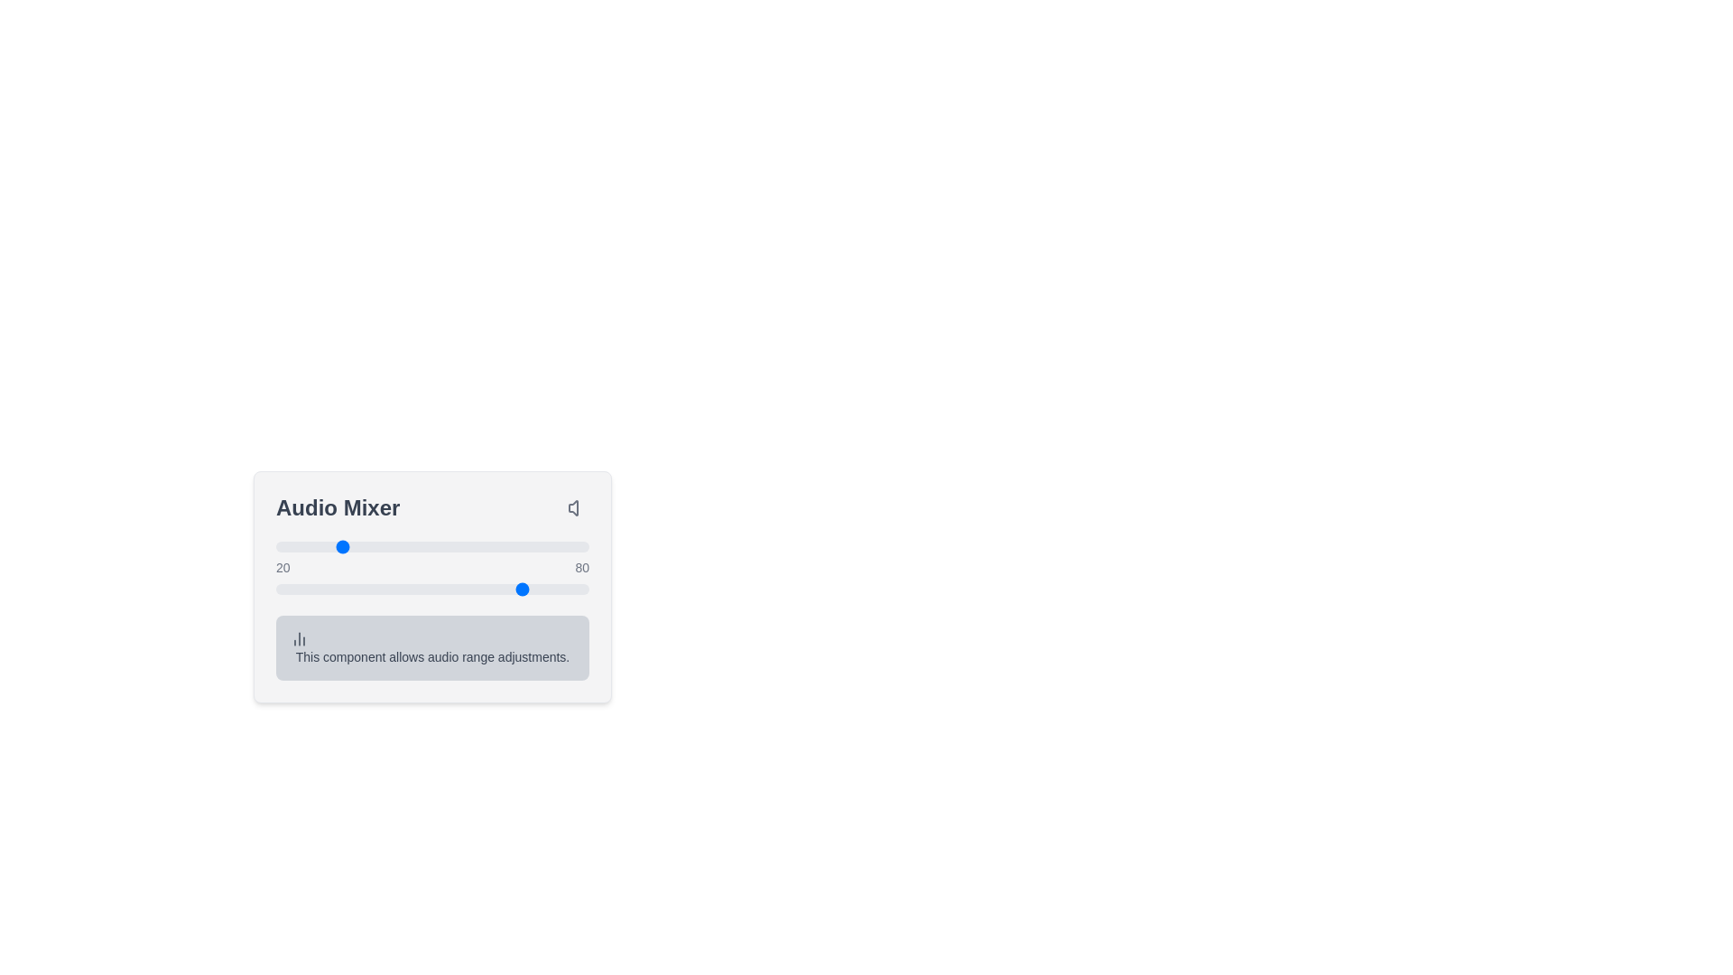  What do you see at coordinates (299, 638) in the screenshot?
I see `the small gray bar chart icon located at the top left of the descriptive text for audio range adjustments` at bounding box center [299, 638].